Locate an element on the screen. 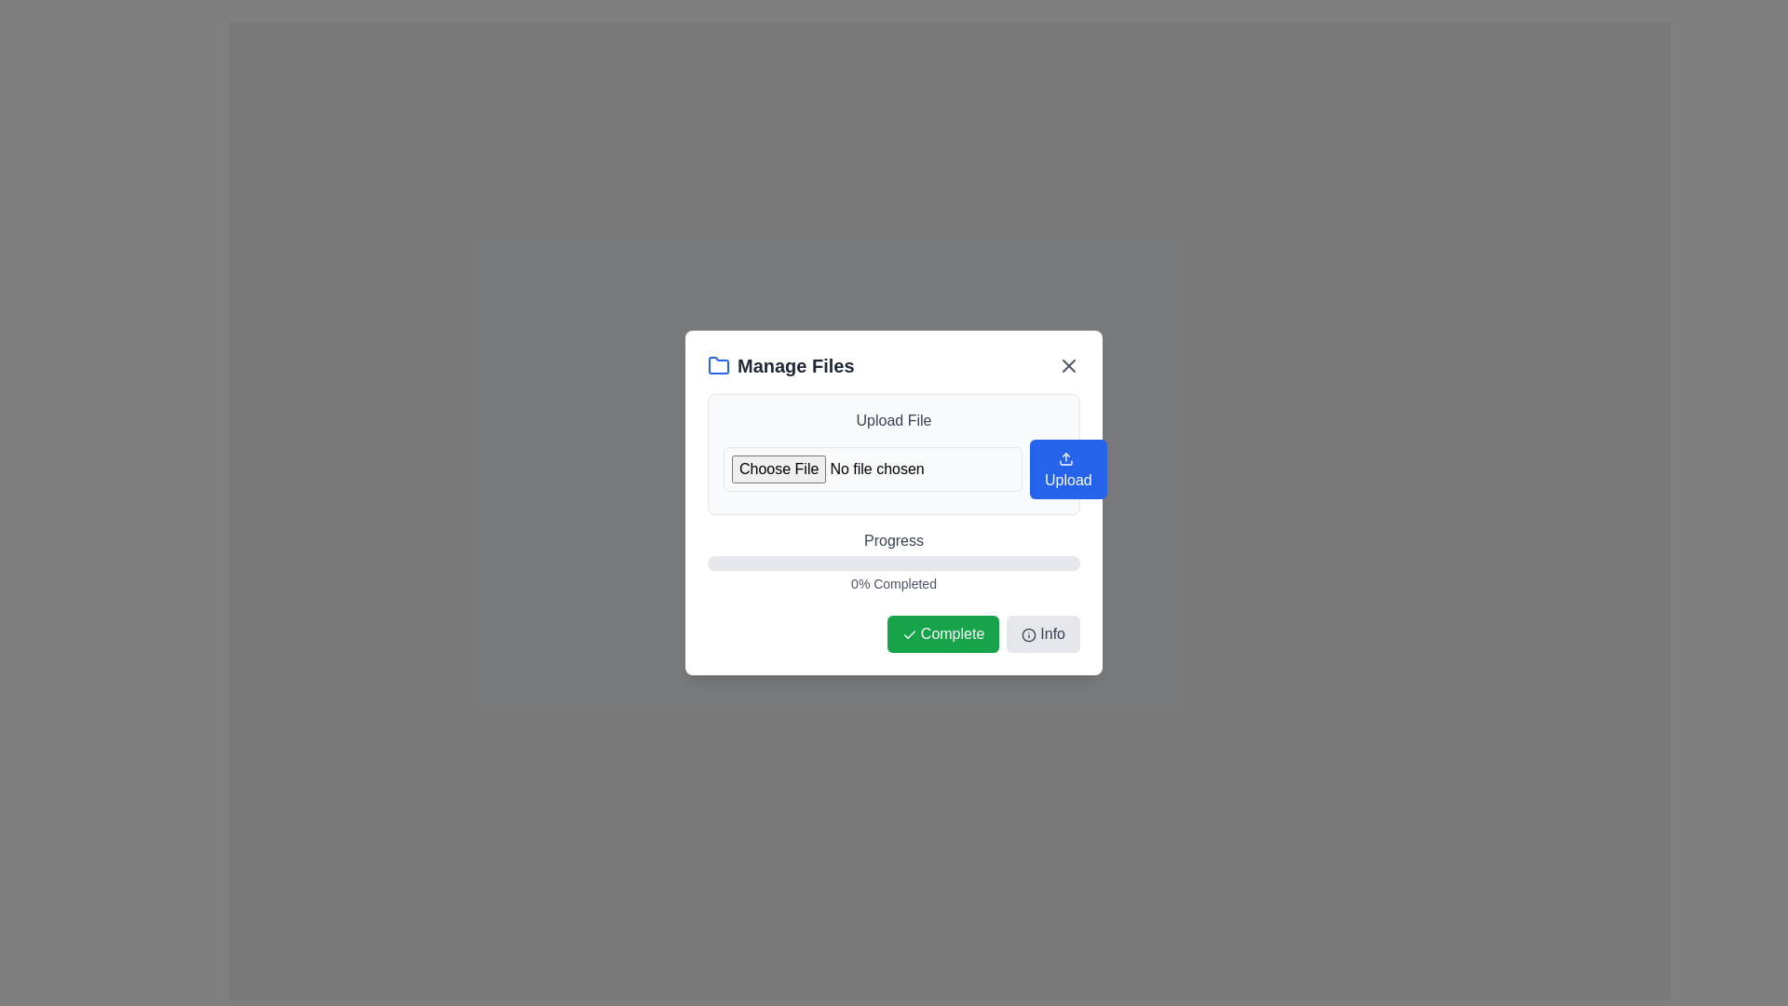 This screenshot has width=1788, height=1006. the 'Manage Files' label, which has a bold font and a blue folder icon to its left, located at the upper-left corner of the pop-up dialog box is located at coordinates (780, 366).